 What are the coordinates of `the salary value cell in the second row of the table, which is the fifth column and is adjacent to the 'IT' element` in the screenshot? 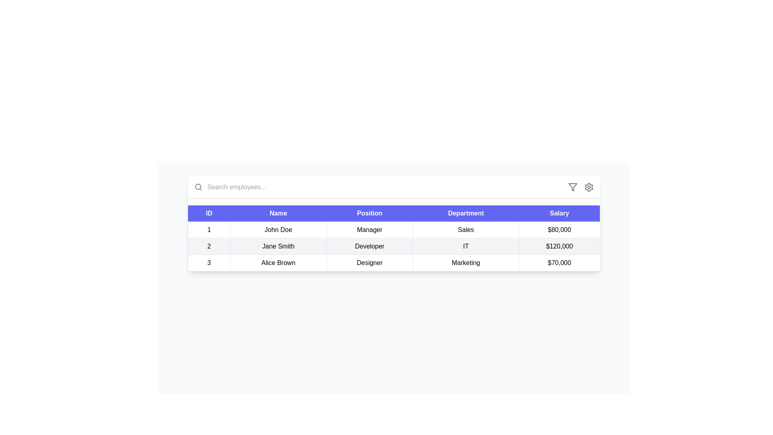 It's located at (559, 246).